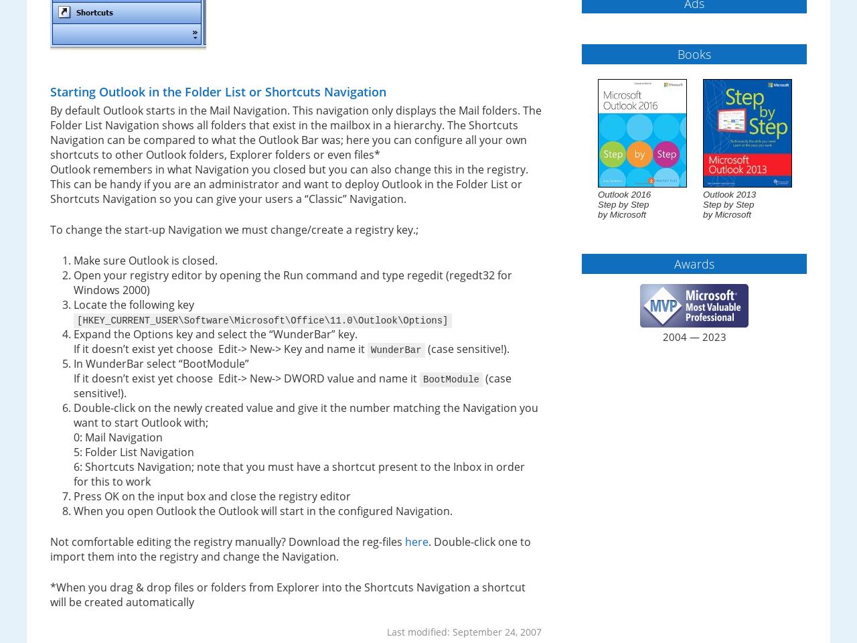 The width and height of the screenshot is (857, 643). I want to click on 'Expand the Options key and select the “WunderBar” key.', so click(216, 334).